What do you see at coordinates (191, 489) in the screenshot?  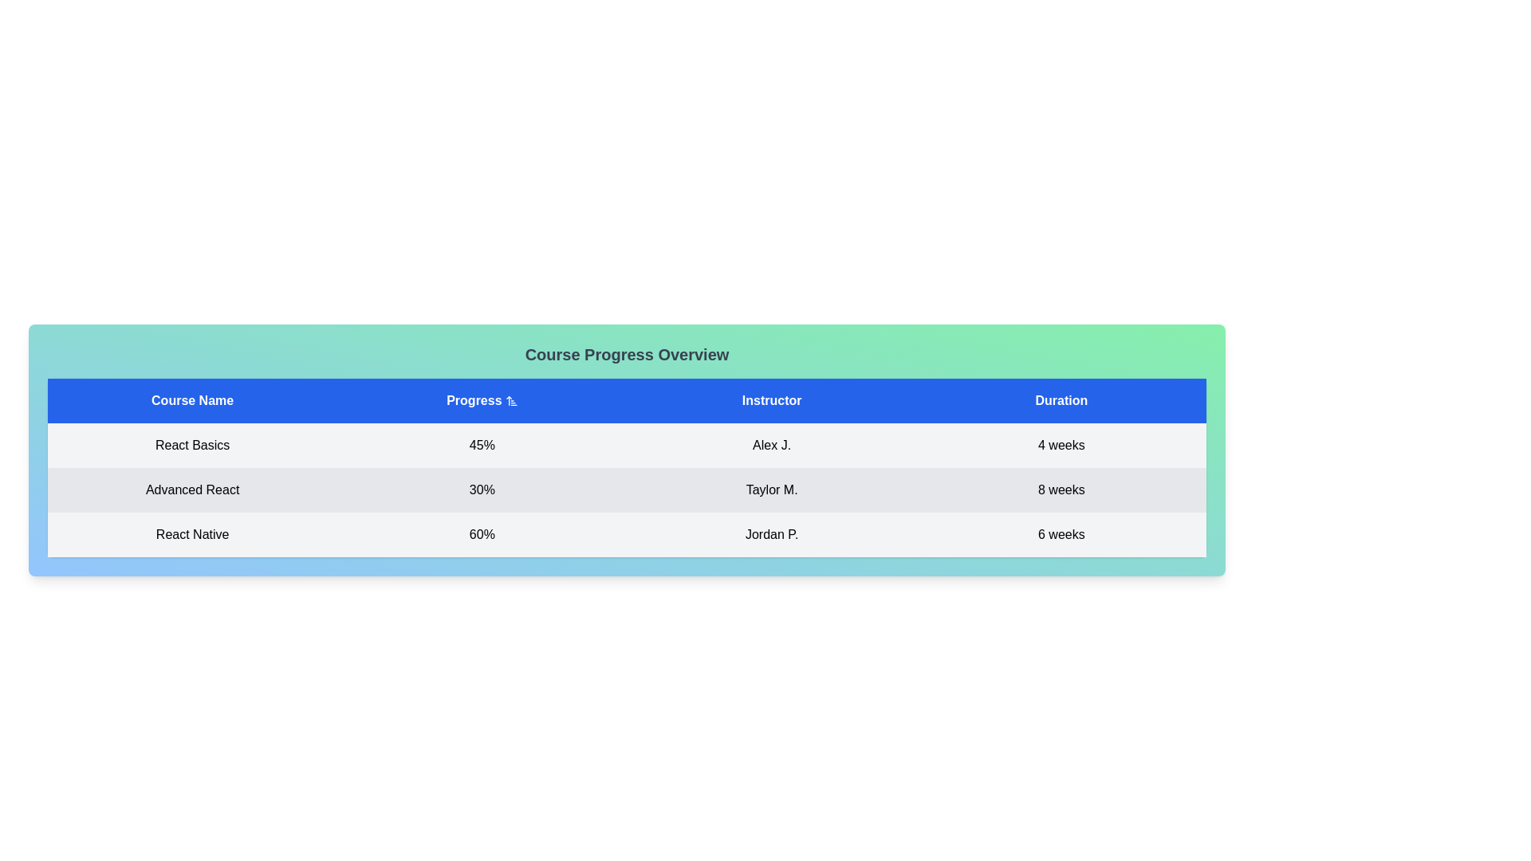 I see `the static text label displaying 'Advanced React', which is the first text component in the second row of the table under 'Course Progress Overview'` at bounding box center [191, 489].